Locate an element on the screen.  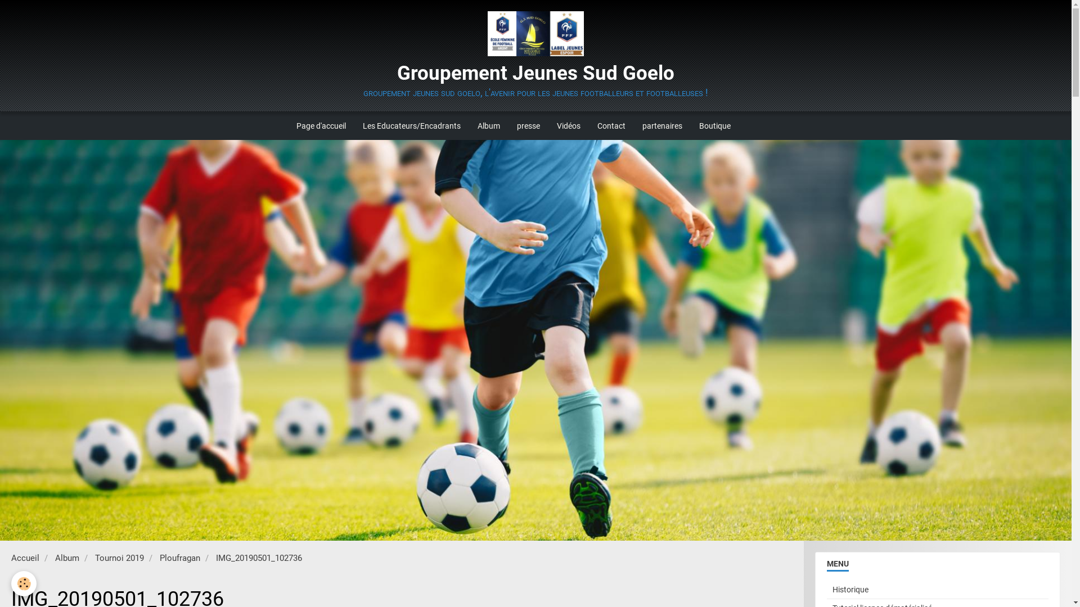
'Tournoi 2019' is located at coordinates (94, 558).